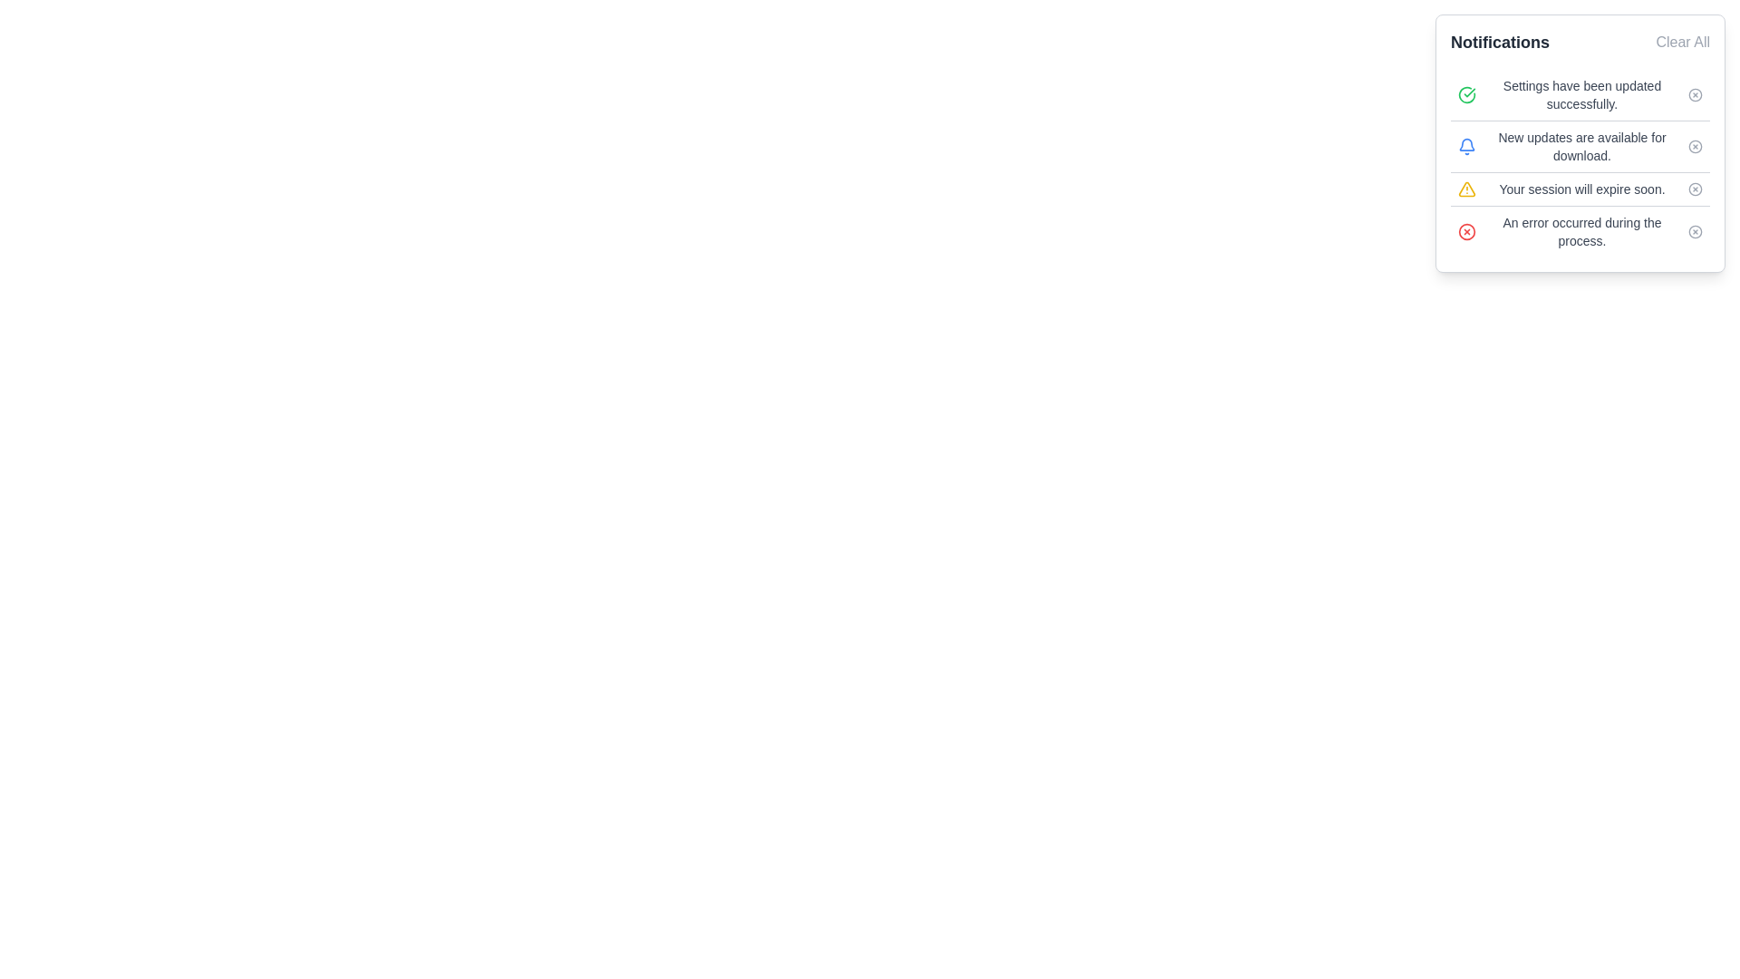 The width and height of the screenshot is (1740, 979). I want to click on the dismiss button of the notification item displaying the message 'An error occurred during the process.', so click(1579, 230).